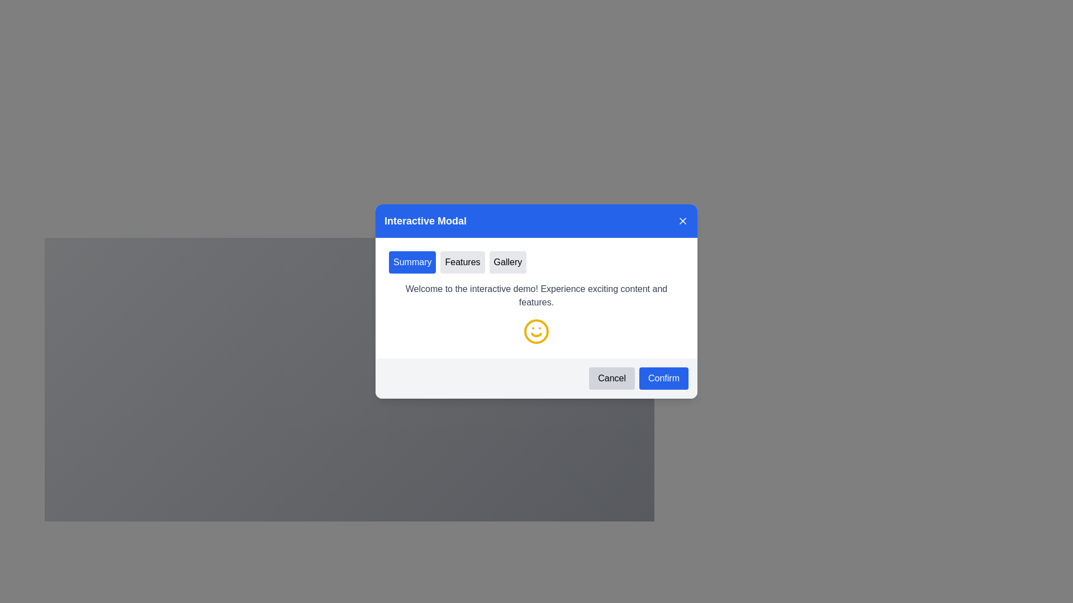 Image resolution: width=1073 pixels, height=603 pixels. Describe the element at coordinates (536, 331) in the screenshot. I see `the yellow smiley face icon located directly underneath the 'Welcome to the interactive demo!' text within the modal dialog` at that location.